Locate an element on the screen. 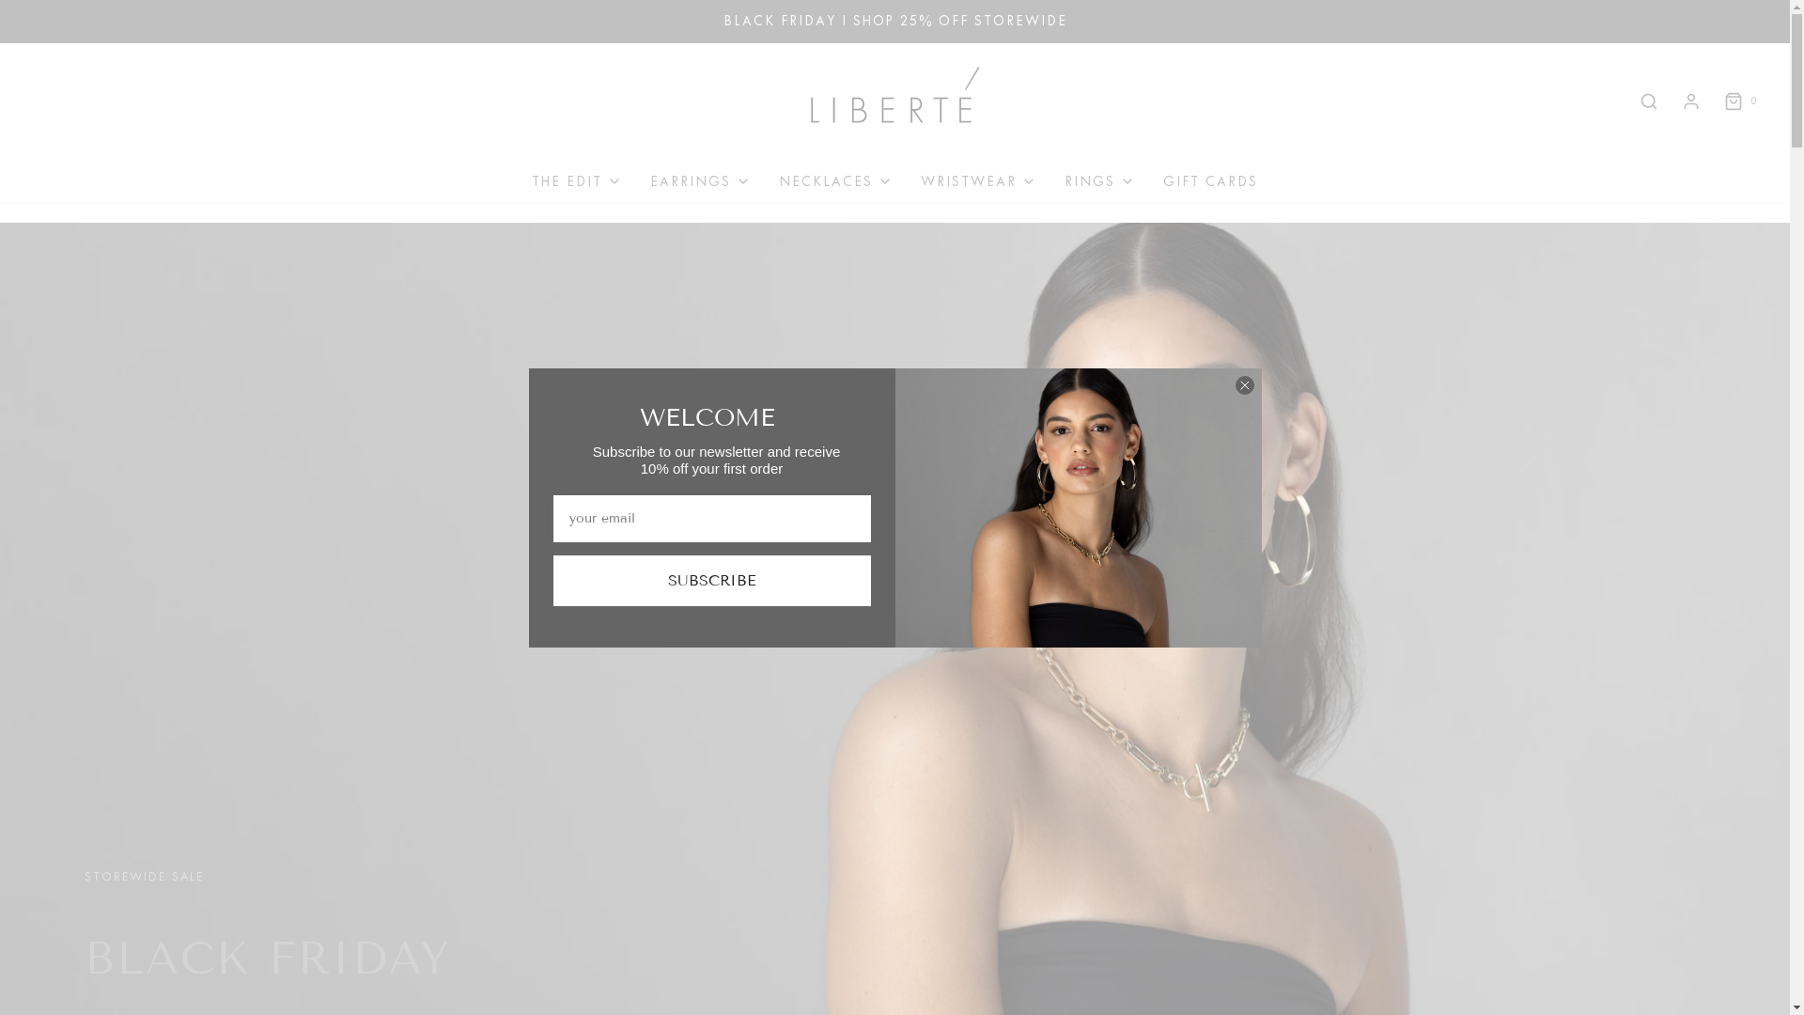 This screenshot has width=1804, height=1015. 'NECKLACES' is located at coordinates (834, 181).